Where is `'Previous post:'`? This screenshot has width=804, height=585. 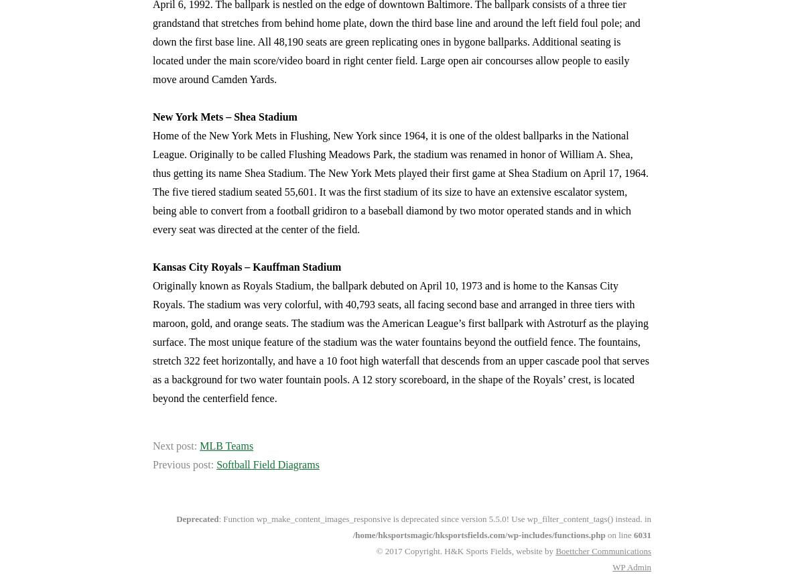 'Previous post:' is located at coordinates (184, 464).